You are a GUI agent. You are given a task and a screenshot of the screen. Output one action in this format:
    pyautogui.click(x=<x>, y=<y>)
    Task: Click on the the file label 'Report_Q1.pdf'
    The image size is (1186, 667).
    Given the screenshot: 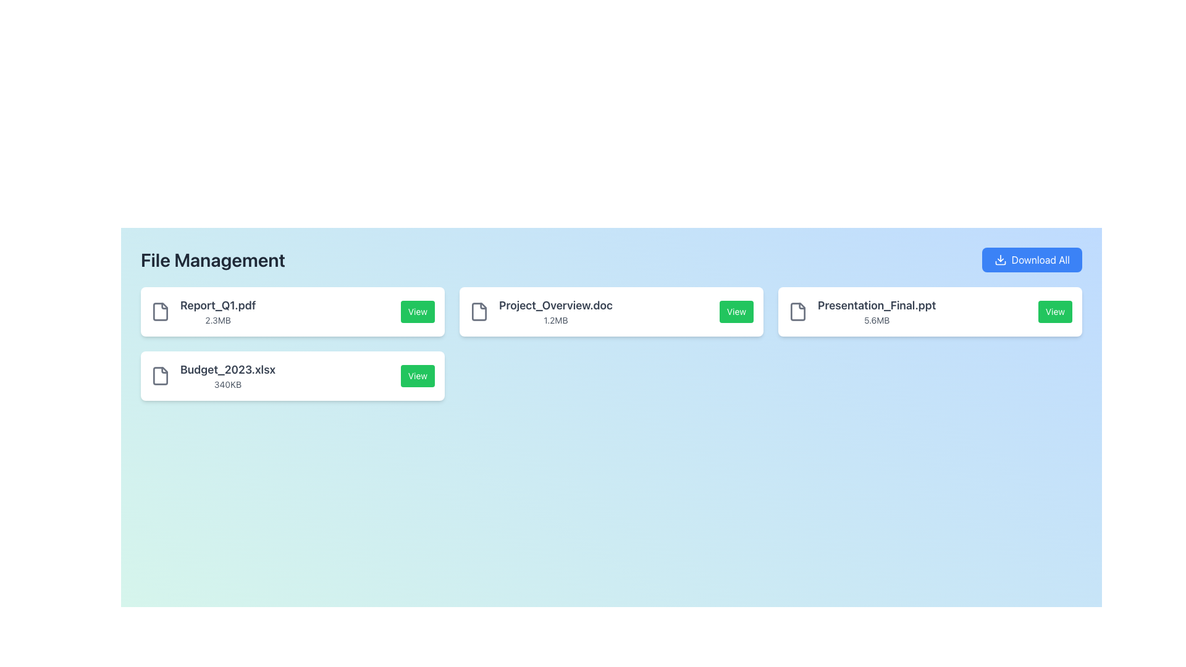 What is the action you would take?
    pyautogui.click(x=218, y=311)
    